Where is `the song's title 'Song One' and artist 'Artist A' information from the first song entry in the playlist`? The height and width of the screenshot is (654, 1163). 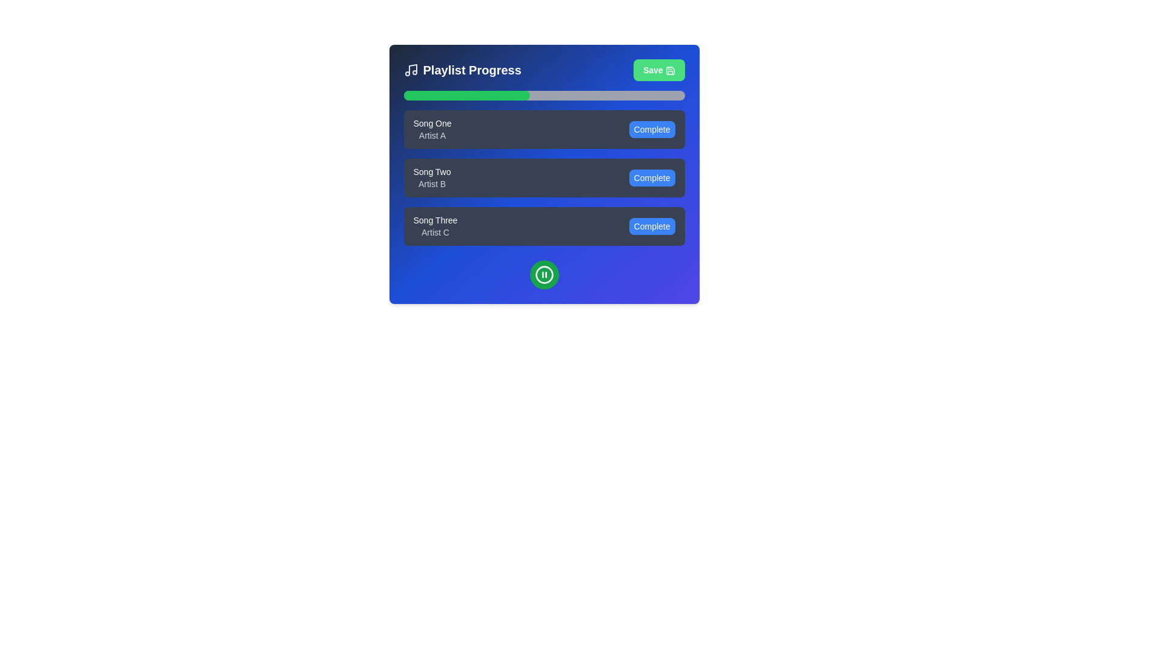 the song's title 'Song One' and artist 'Artist A' information from the first song entry in the playlist is located at coordinates (543, 129).